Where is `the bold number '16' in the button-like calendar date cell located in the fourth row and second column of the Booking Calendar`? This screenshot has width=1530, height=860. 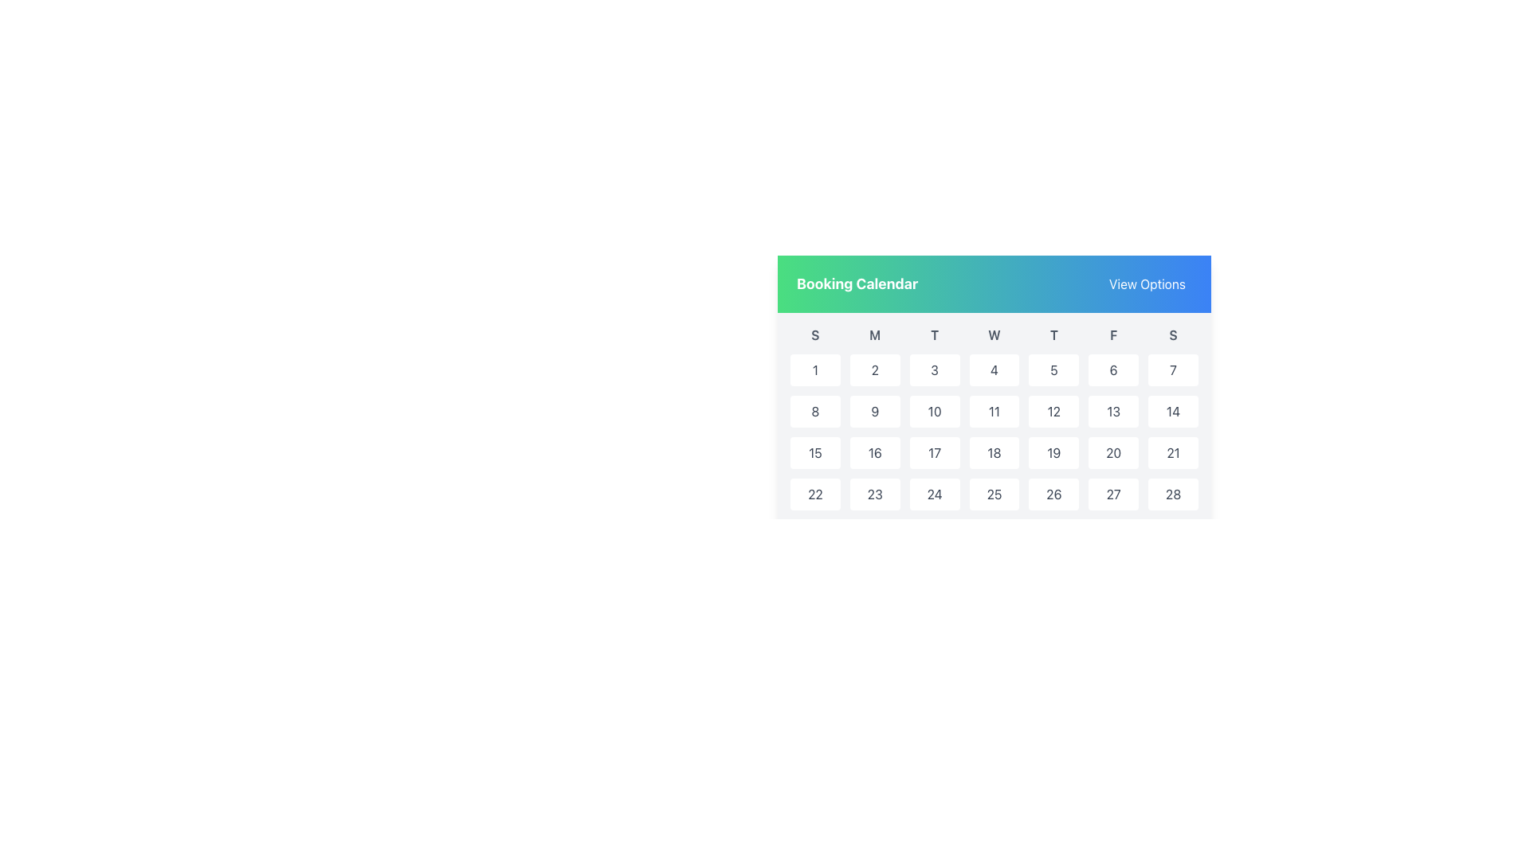 the bold number '16' in the button-like calendar date cell located in the fourth row and second column of the Booking Calendar is located at coordinates (874, 453).